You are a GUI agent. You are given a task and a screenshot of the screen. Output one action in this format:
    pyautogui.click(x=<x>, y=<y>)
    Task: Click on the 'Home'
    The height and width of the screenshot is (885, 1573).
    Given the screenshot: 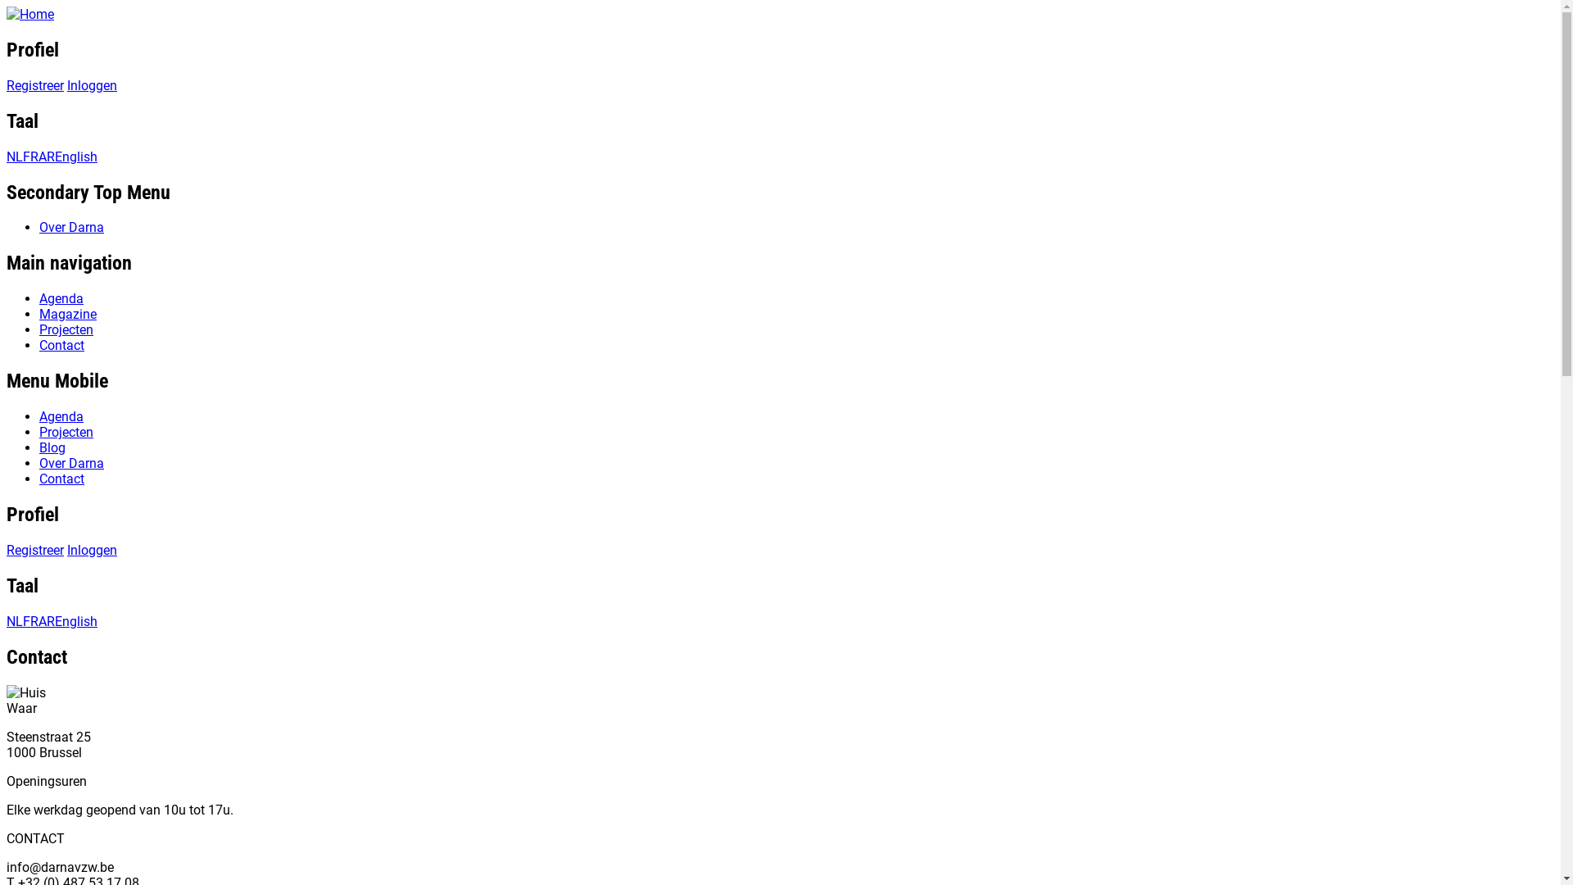 What is the action you would take?
    pyautogui.click(x=7, y=14)
    